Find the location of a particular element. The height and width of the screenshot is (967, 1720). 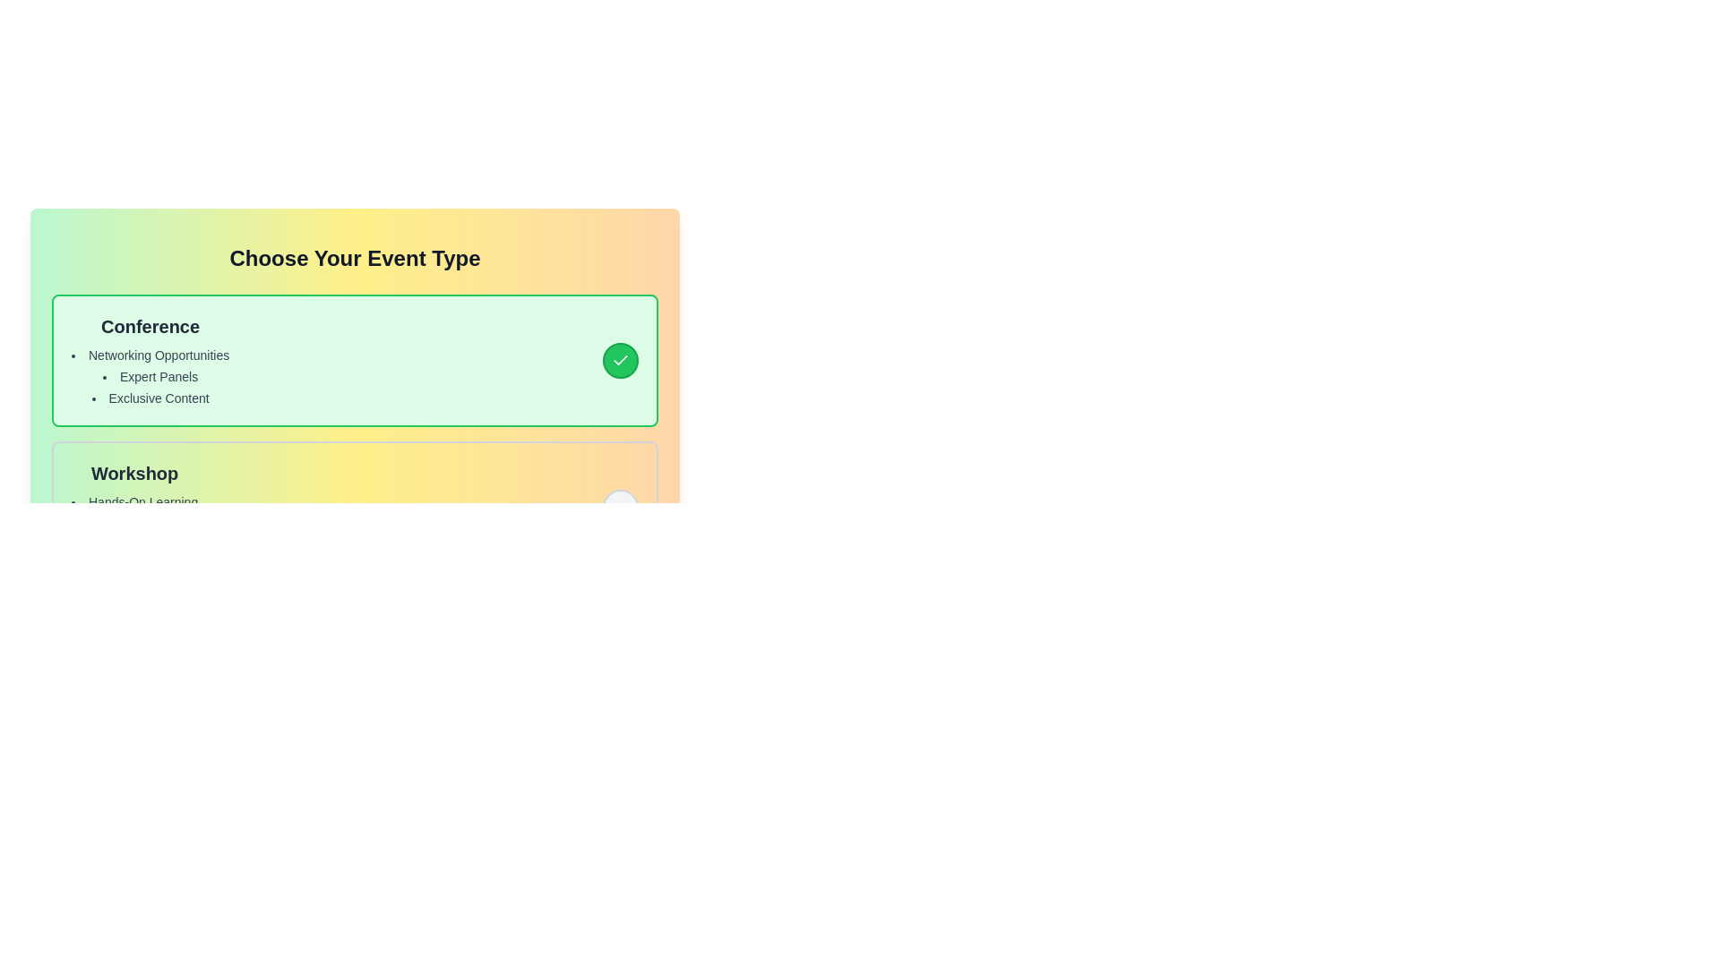

the 'Networking Opportunities' label in the bulleted list under the 'Conference' section, which is styled in gray and positioned within a green-bordered box is located at coordinates (150, 355).